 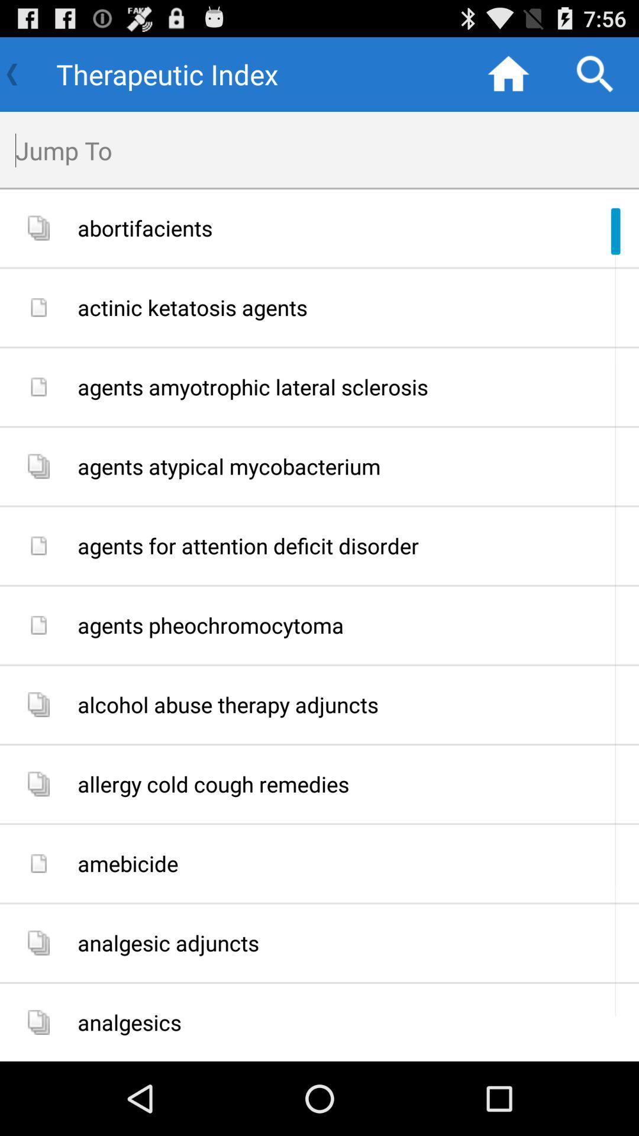 I want to click on analgesics item, so click(x=353, y=1022).